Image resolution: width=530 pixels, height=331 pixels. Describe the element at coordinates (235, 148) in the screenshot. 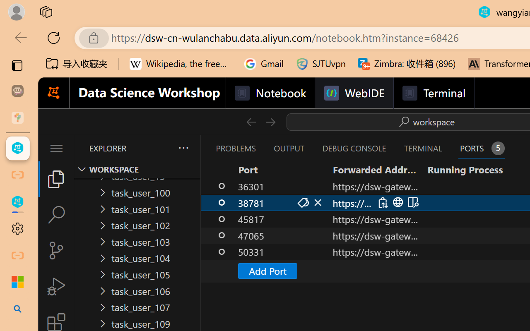

I see `'Problems (Ctrl+Shift+M)'` at that location.